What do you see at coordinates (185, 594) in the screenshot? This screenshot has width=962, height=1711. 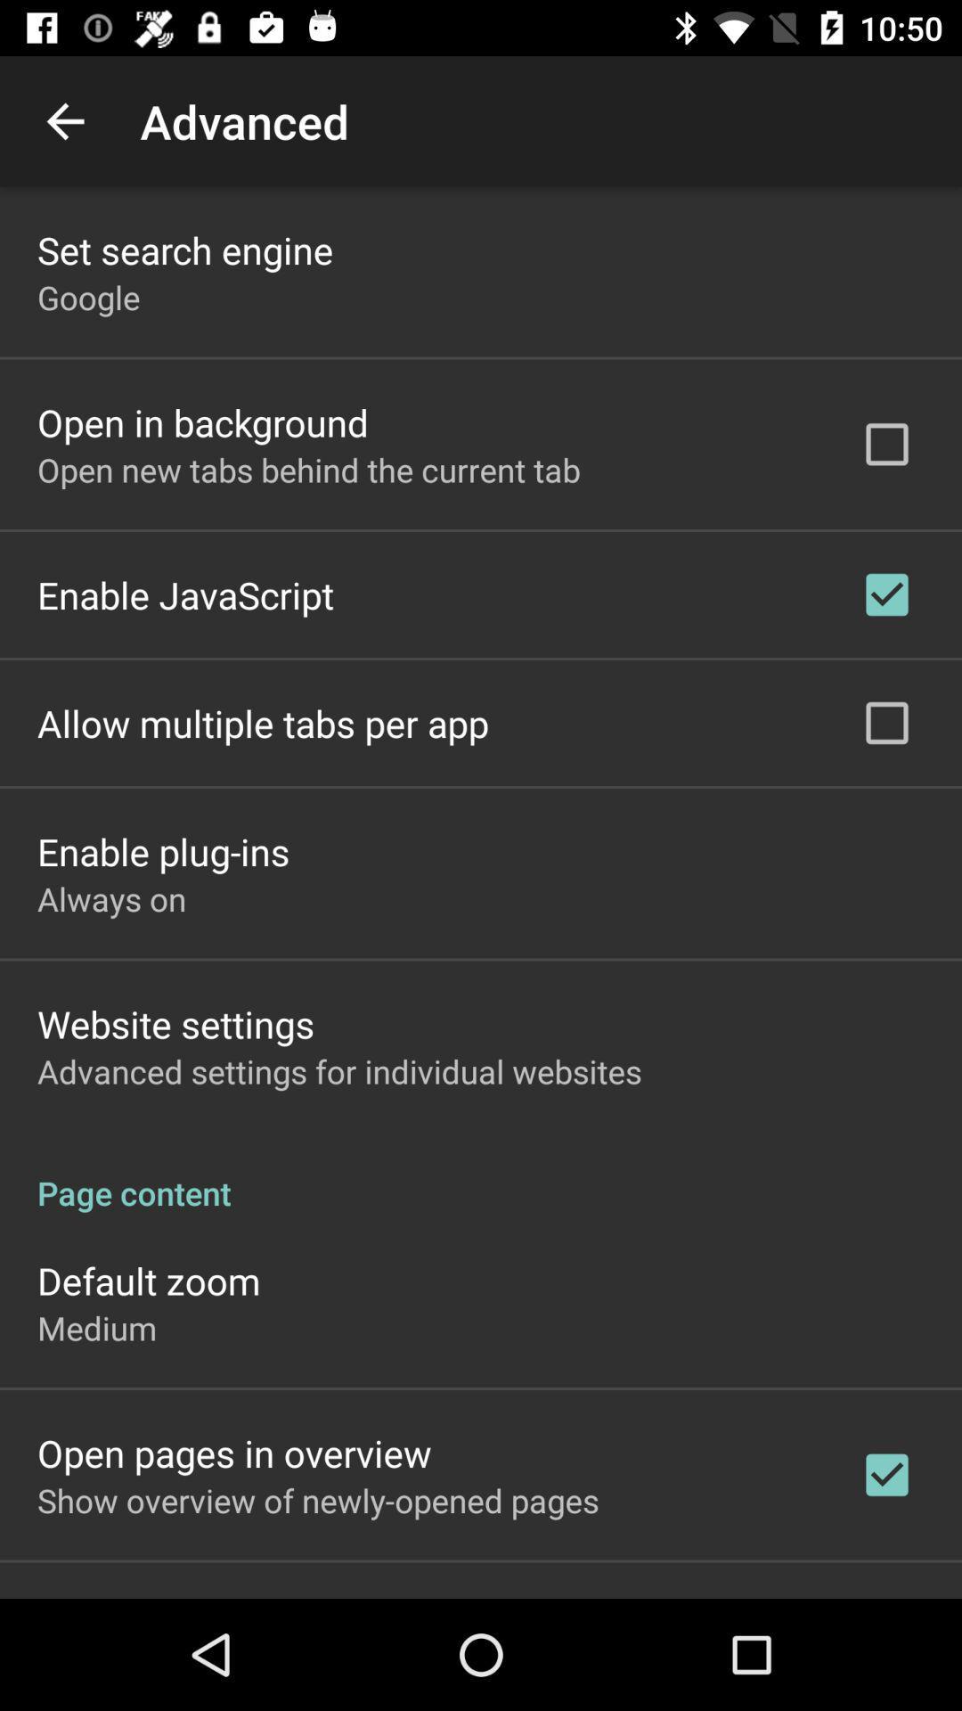 I see `the enable javascript item` at bounding box center [185, 594].